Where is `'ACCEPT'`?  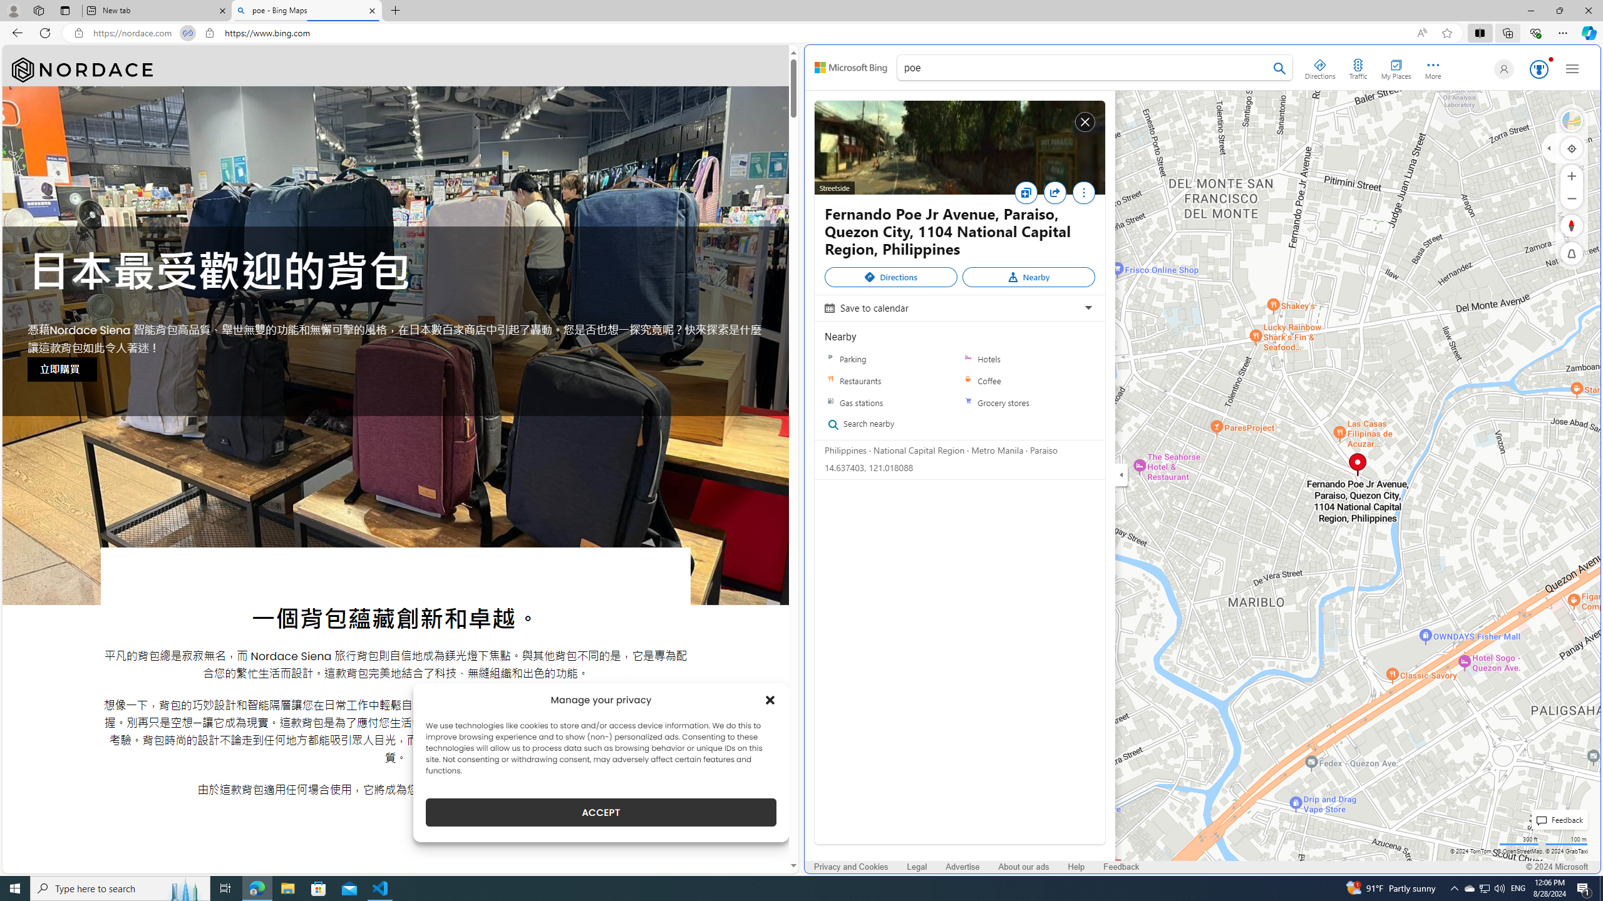
'ACCEPT' is located at coordinates (600, 812).